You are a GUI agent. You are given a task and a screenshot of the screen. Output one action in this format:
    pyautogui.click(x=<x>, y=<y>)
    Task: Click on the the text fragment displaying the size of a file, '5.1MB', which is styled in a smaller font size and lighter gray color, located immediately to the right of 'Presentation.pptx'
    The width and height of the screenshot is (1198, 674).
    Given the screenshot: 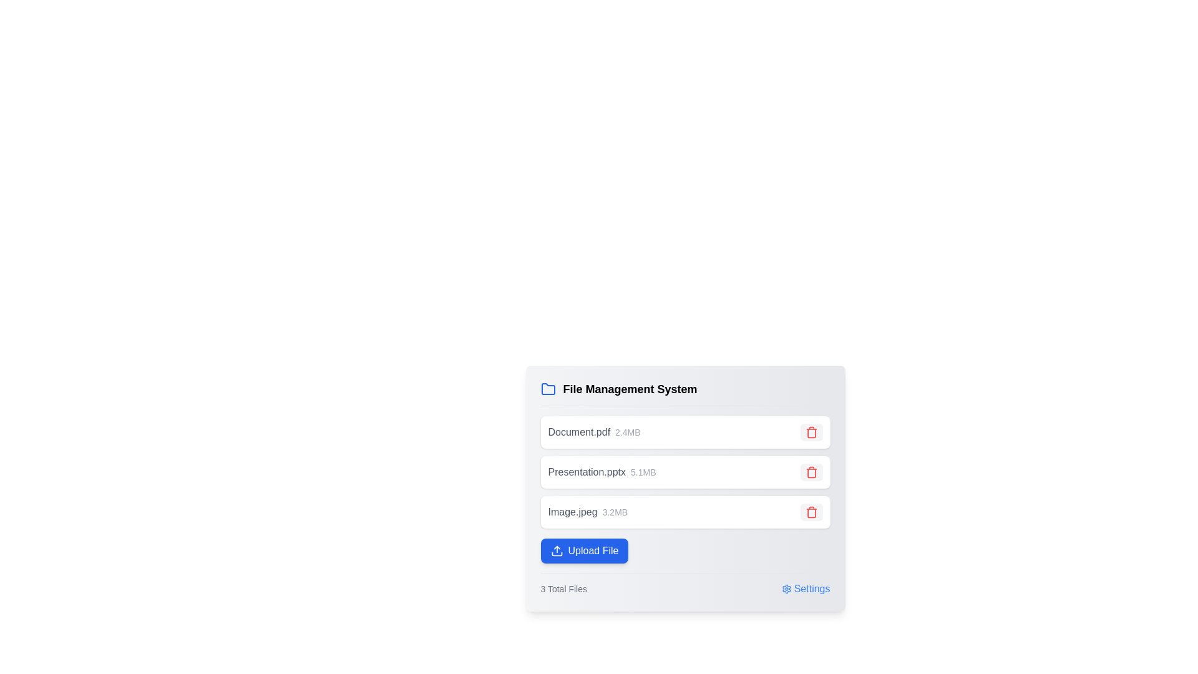 What is the action you would take?
    pyautogui.click(x=643, y=472)
    